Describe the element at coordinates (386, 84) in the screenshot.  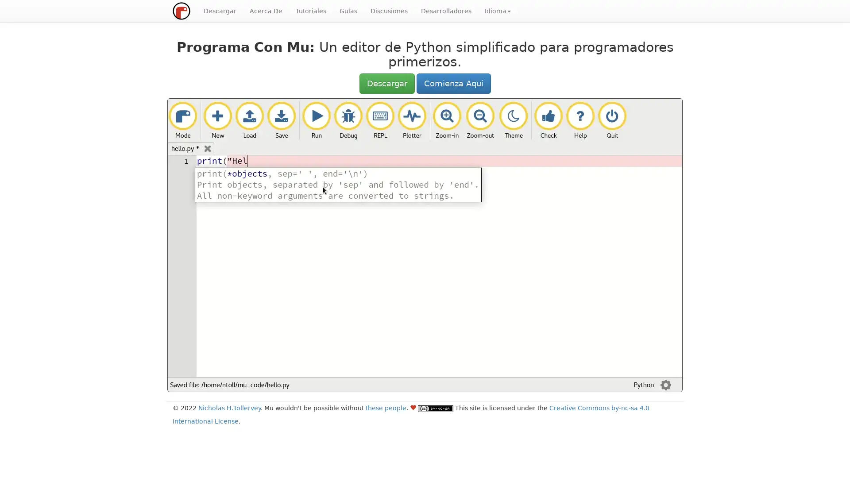
I see `Descargar` at that location.